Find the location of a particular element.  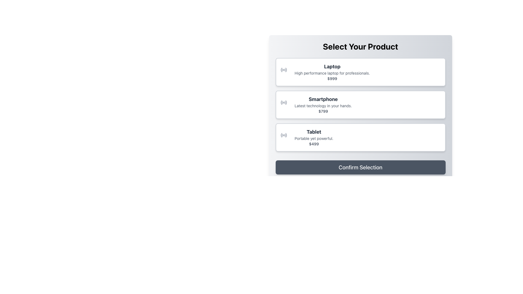

the outermost arc of the radio button icon for the 'Laptop' selection card, which is styled with a gray color and located in the top-left corner is located at coordinates (286, 69).